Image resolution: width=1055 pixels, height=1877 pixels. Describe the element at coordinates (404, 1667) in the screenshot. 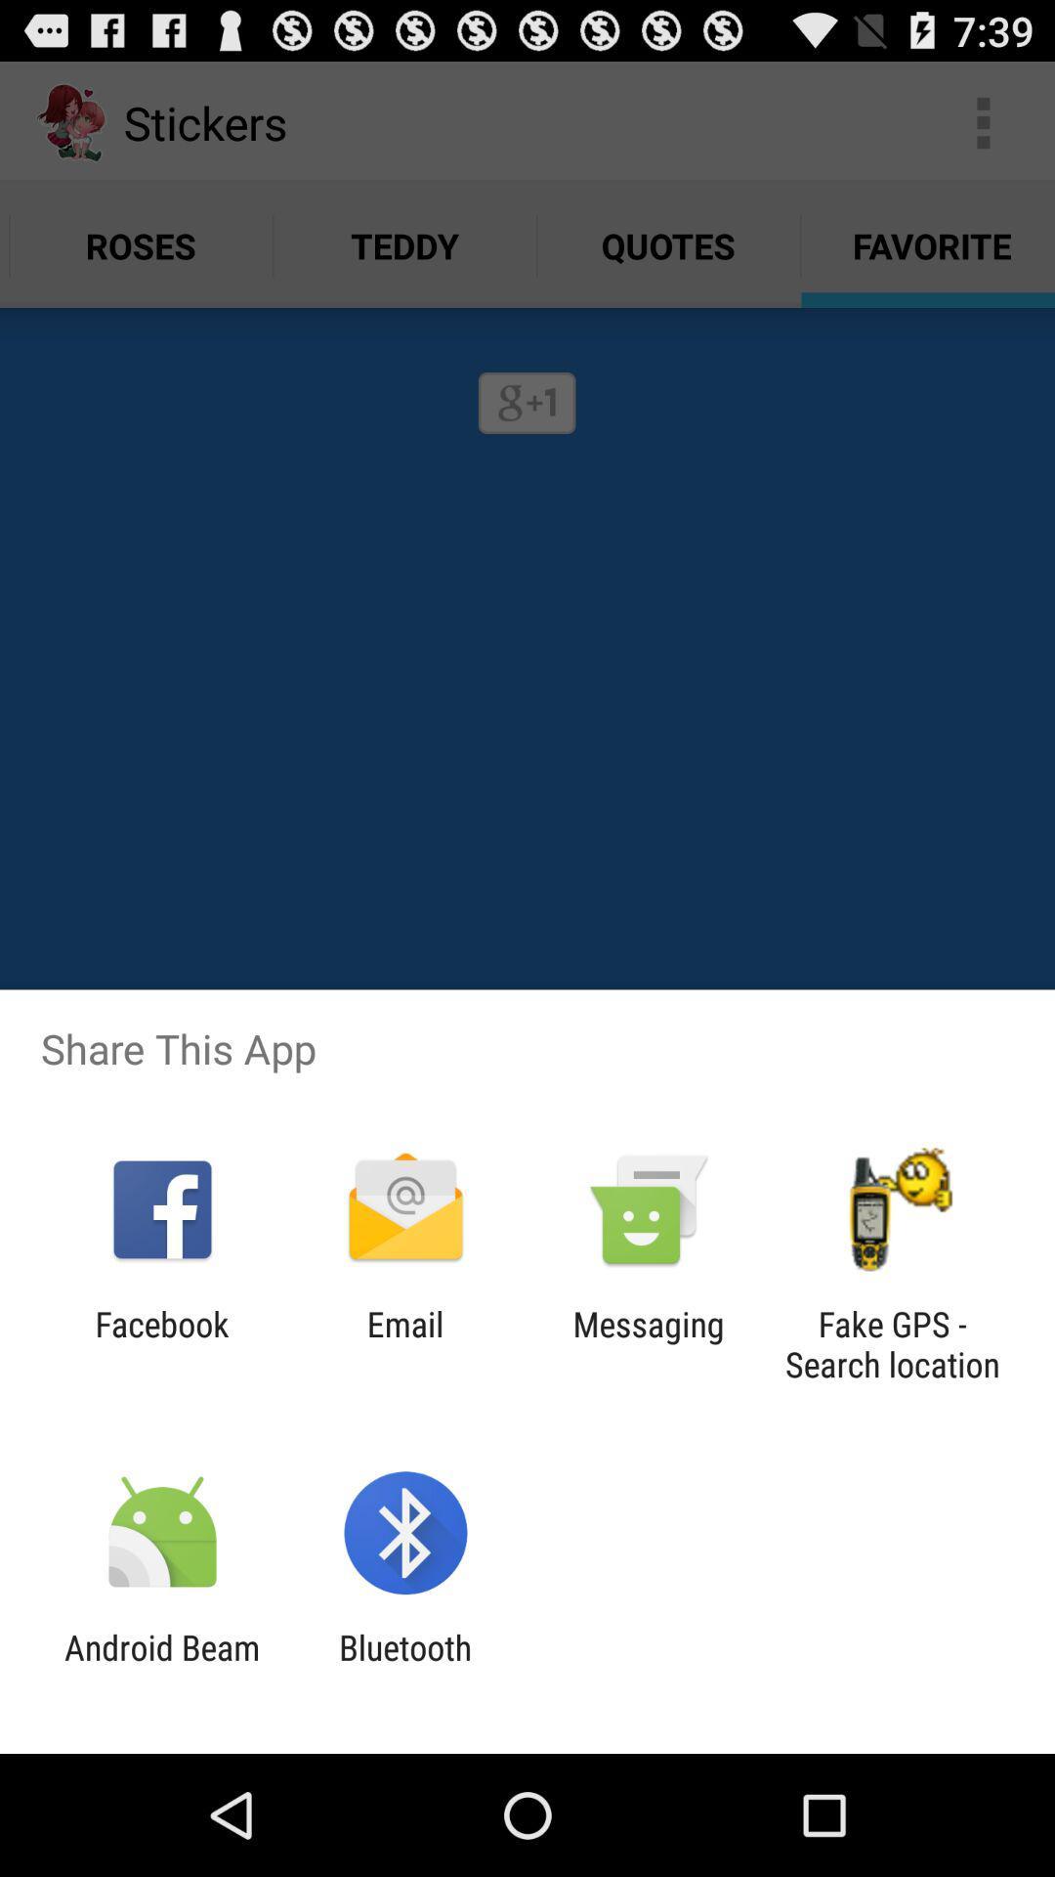

I see `bluetooth app` at that location.